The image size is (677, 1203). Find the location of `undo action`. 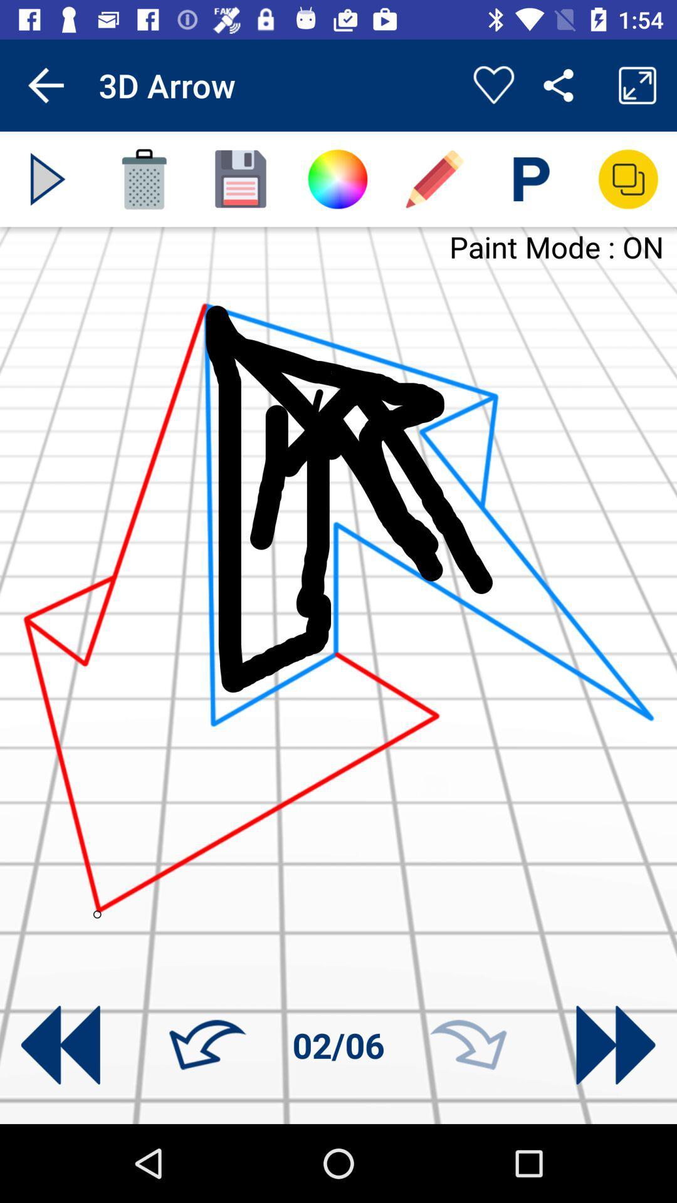

undo action is located at coordinates (207, 1045).